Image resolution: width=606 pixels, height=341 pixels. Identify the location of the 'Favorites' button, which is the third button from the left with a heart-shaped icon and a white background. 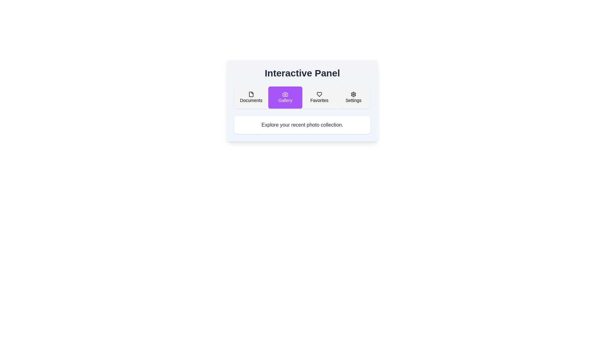
(319, 97).